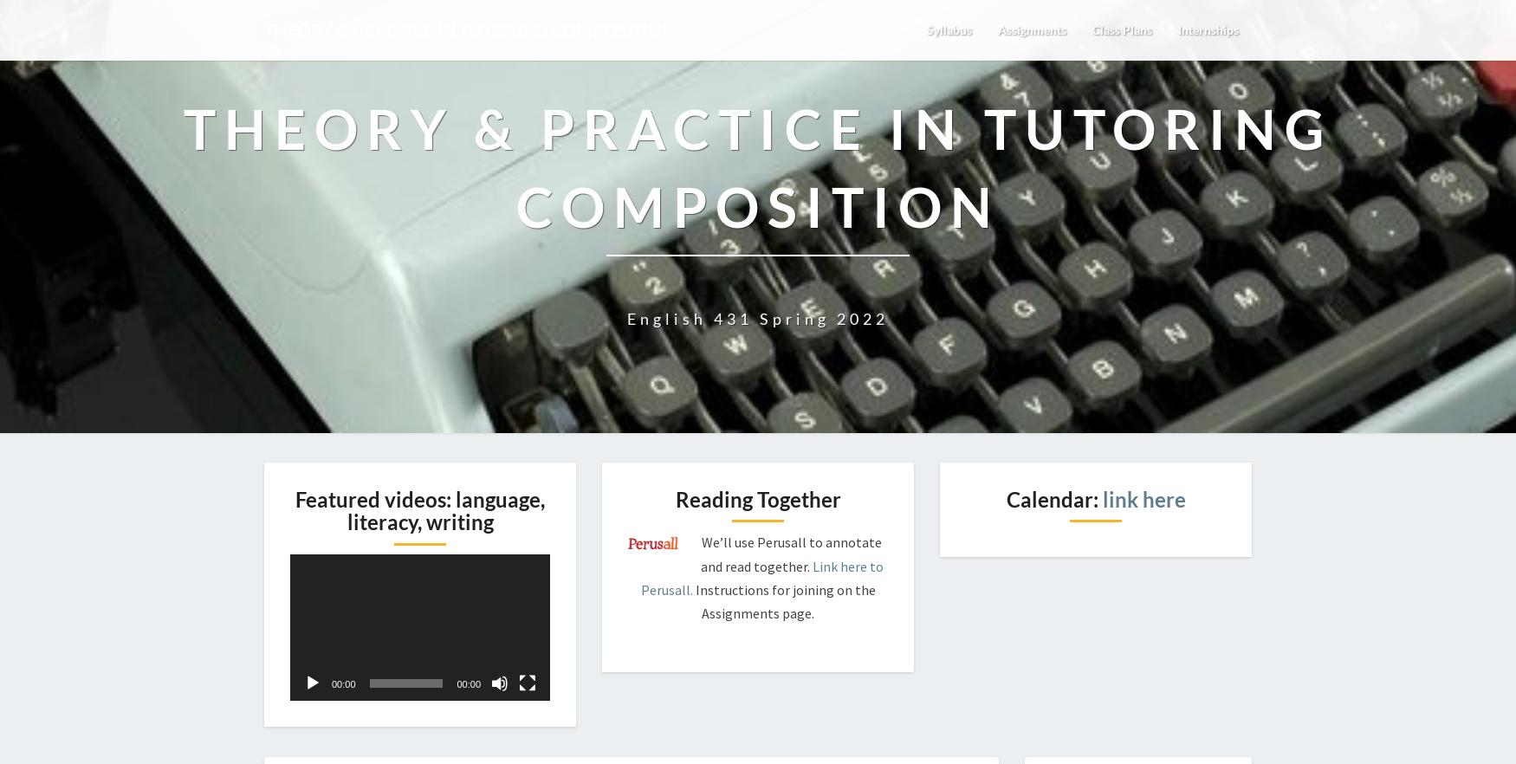 The image size is (1516, 764). Describe the element at coordinates (640, 576) in the screenshot. I see `'Link here to Perusall.'` at that location.